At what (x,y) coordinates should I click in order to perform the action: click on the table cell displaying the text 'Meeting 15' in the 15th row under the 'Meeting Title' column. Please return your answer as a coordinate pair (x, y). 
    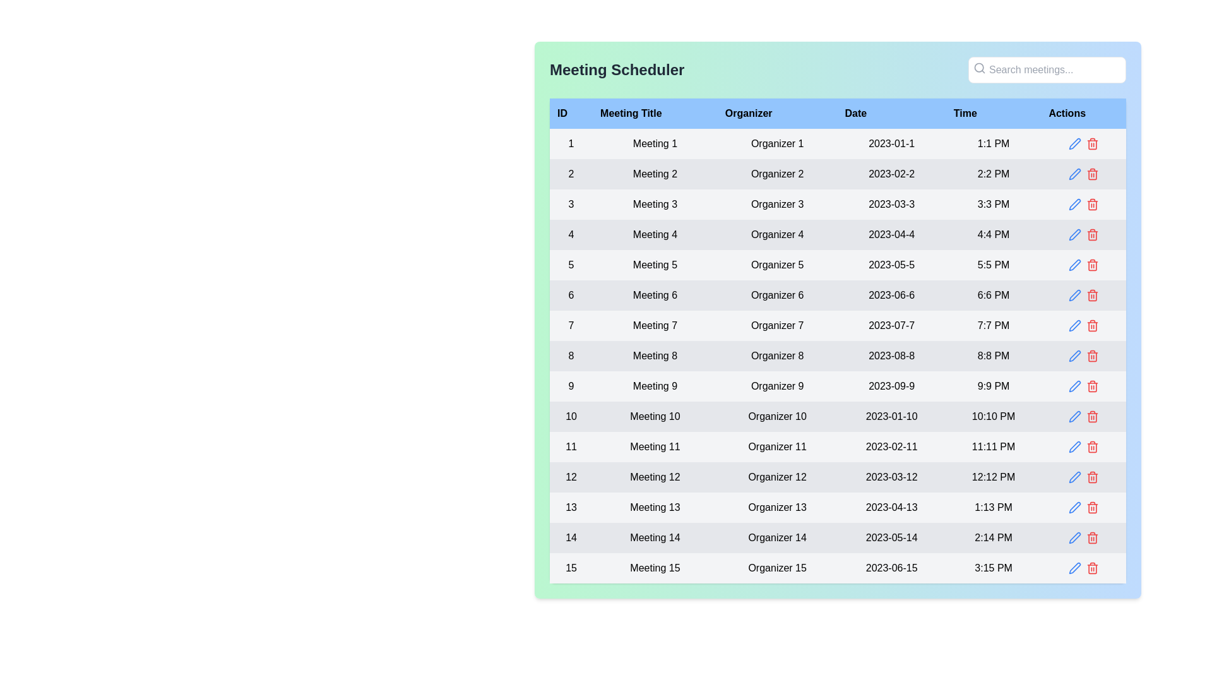
    Looking at the image, I should click on (655, 567).